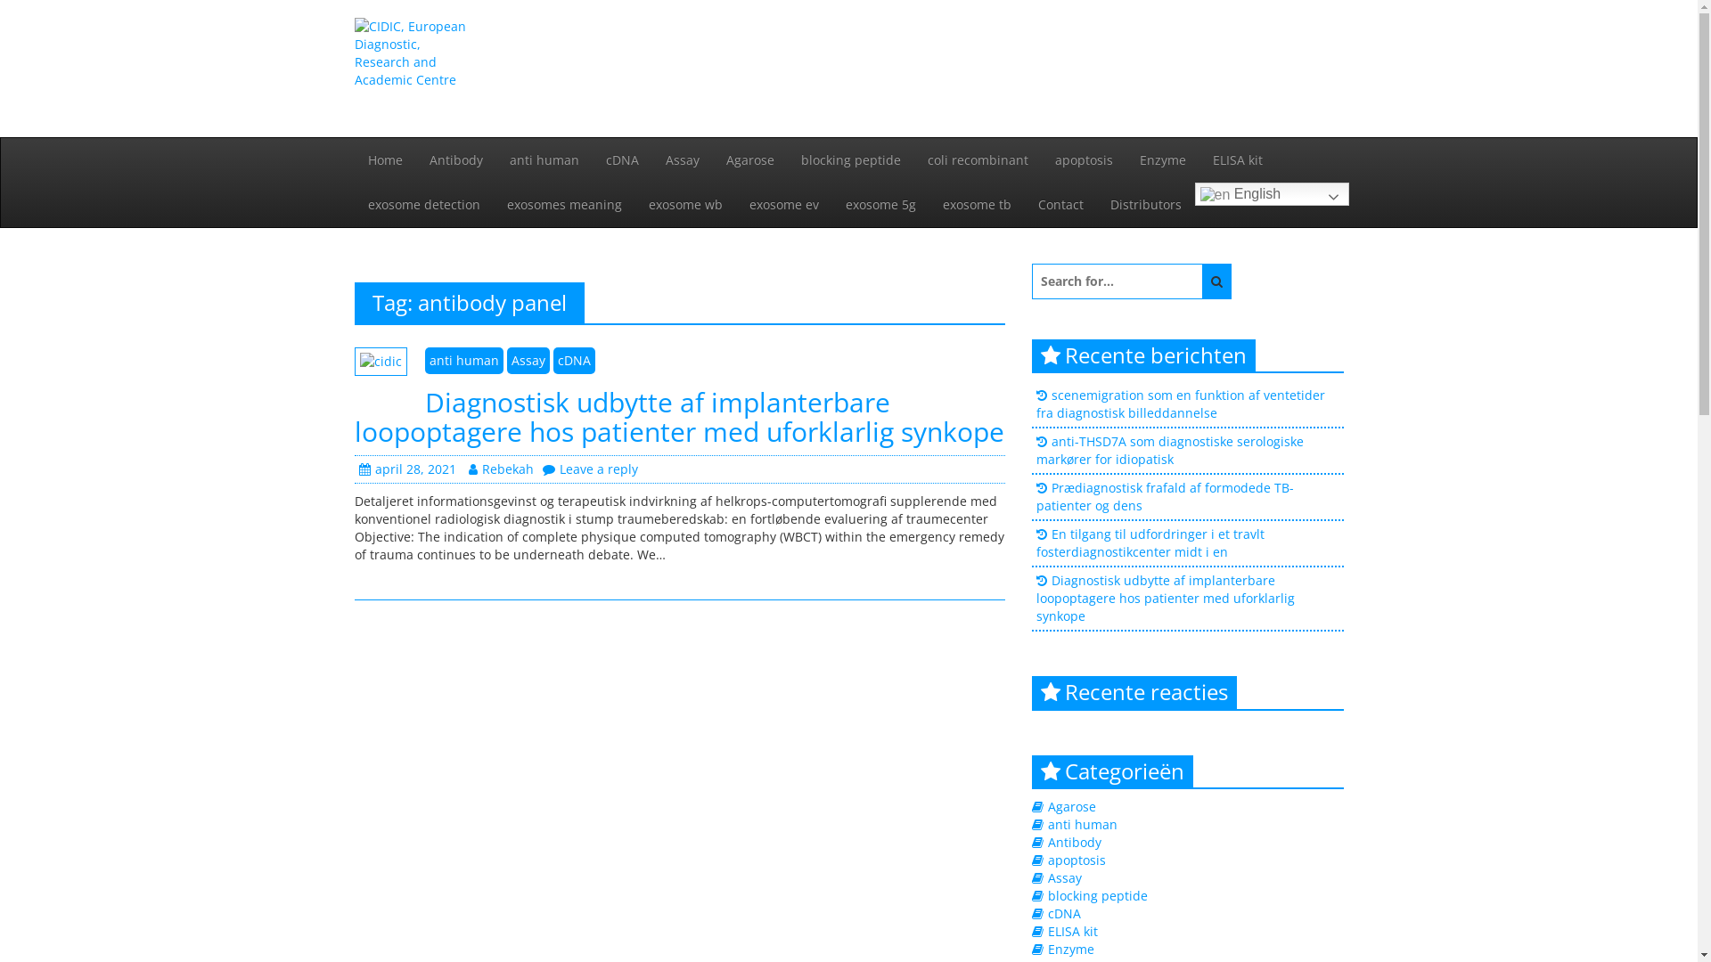  Describe the element at coordinates (542, 160) in the screenshot. I see `'anti human'` at that location.